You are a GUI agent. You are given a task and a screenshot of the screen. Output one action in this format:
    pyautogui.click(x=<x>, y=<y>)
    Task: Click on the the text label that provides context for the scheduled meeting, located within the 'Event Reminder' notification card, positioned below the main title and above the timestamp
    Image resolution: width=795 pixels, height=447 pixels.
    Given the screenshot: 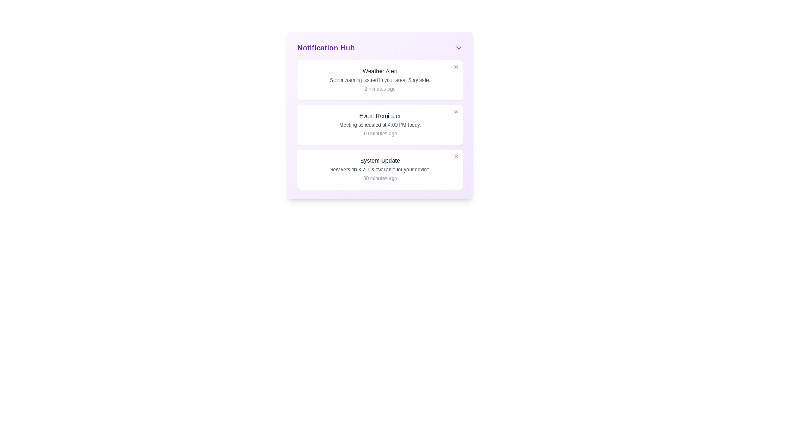 What is the action you would take?
    pyautogui.click(x=379, y=125)
    